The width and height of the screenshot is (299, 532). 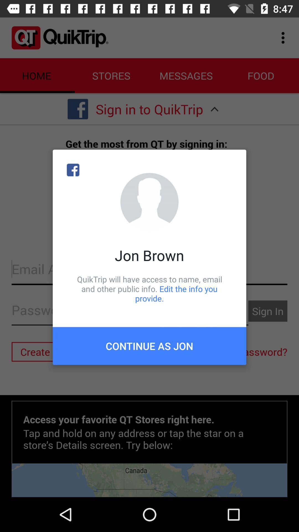 I want to click on the icon below jon brown icon, so click(x=149, y=288).